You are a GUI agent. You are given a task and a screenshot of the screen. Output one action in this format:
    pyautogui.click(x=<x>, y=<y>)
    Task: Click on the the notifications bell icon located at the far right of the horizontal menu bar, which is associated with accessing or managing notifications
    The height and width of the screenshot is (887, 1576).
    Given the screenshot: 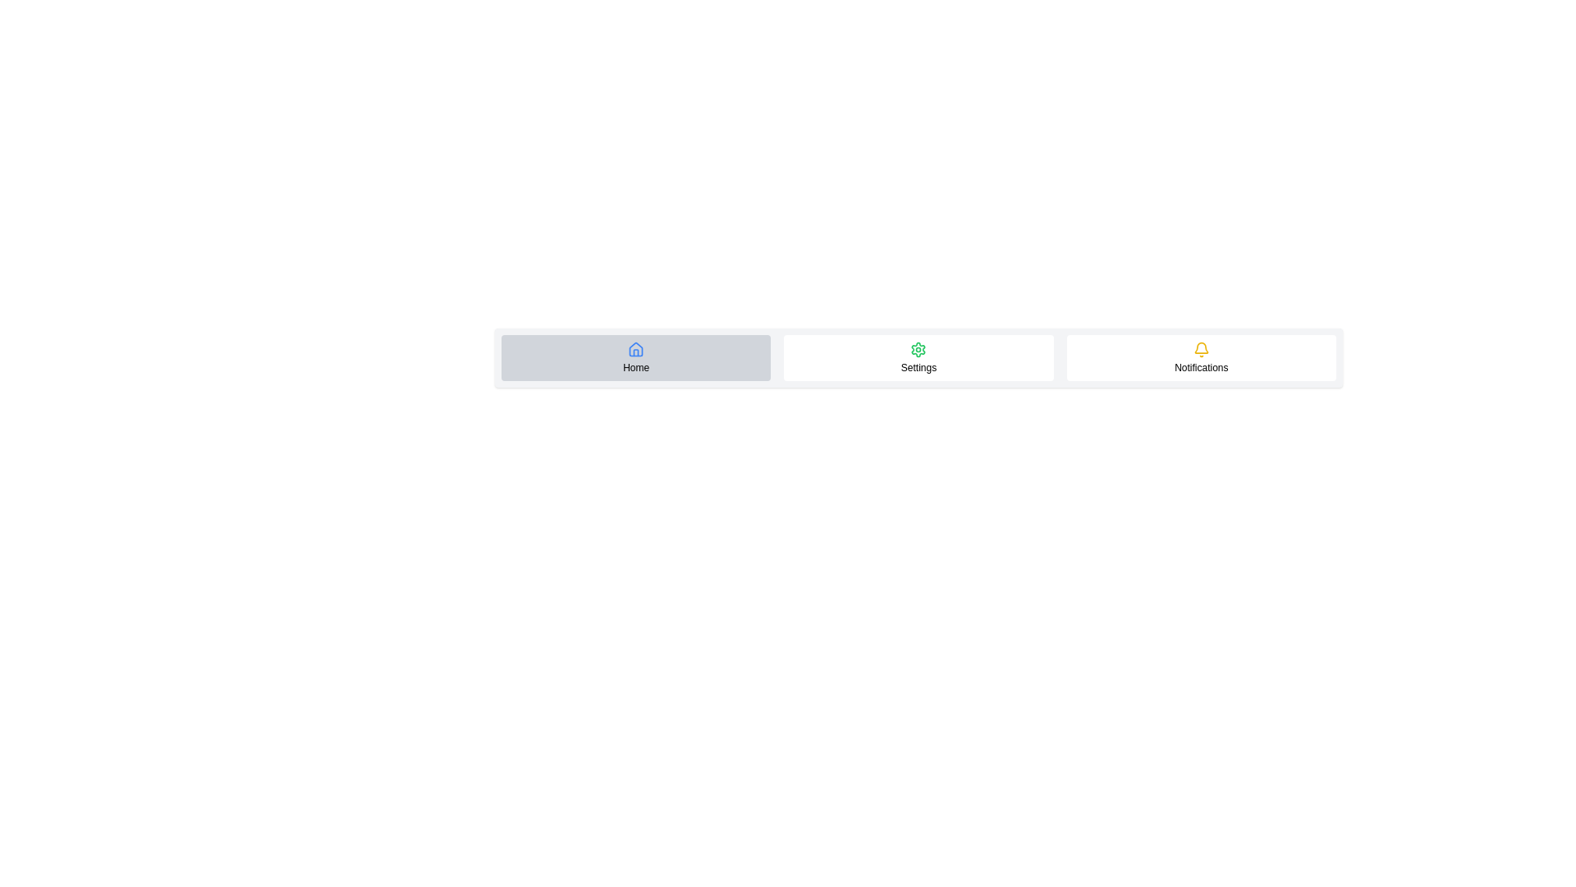 What is the action you would take?
    pyautogui.click(x=1201, y=348)
    